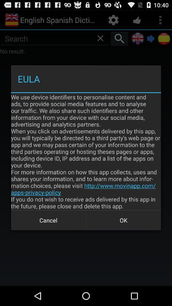 This screenshot has height=306, width=172. I want to click on we use device at the center, so click(86, 151).